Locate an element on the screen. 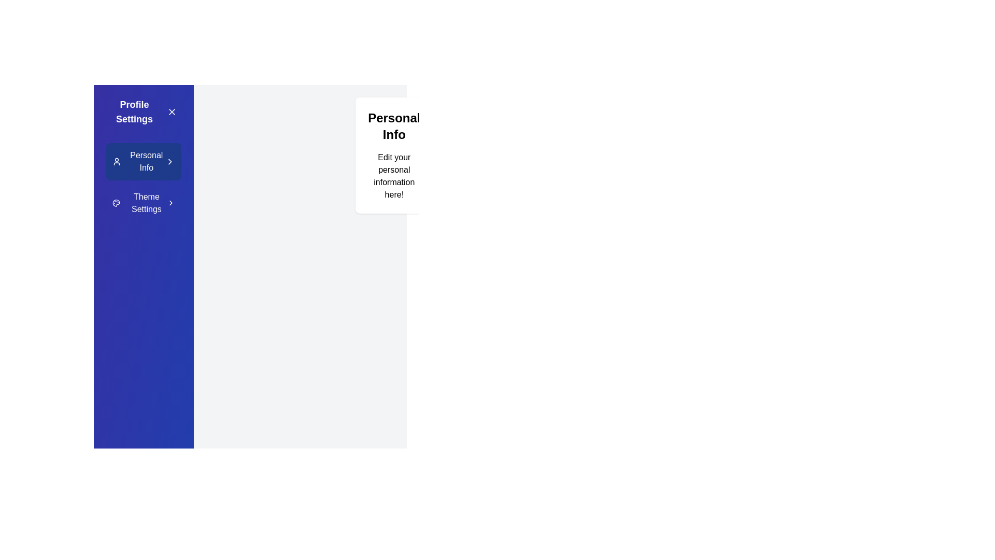 The image size is (995, 560). the personal information settings icon located on the left sidebar, preceding the text 'Personal Info' is located at coordinates (117, 162).